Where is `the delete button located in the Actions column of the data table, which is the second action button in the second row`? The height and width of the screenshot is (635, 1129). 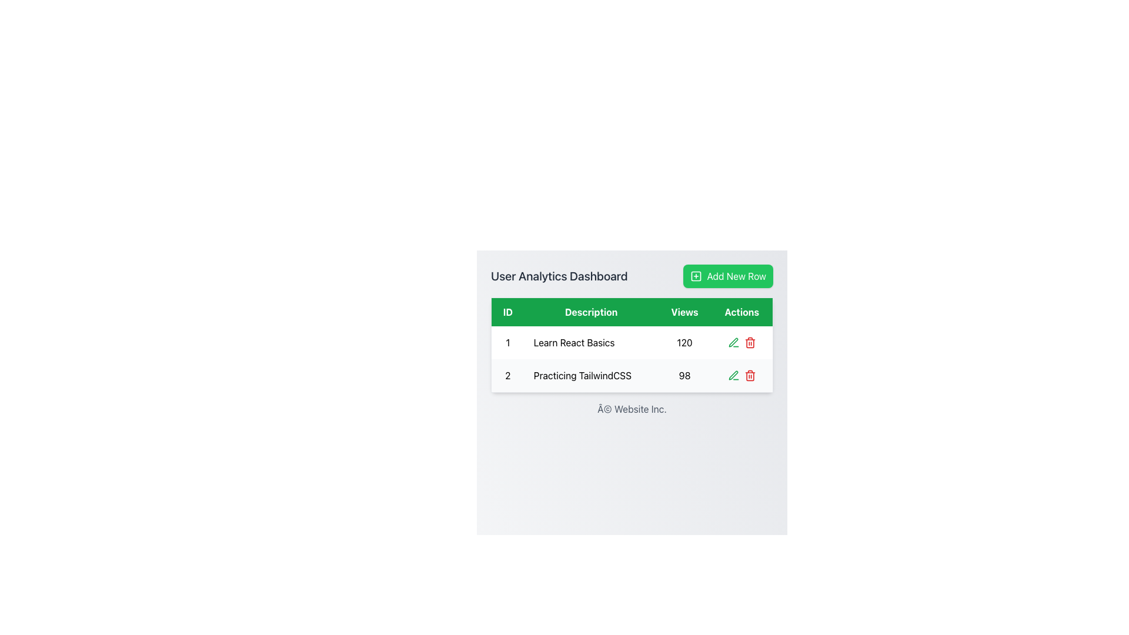
the delete button located in the Actions column of the data table, which is the second action button in the second row is located at coordinates (749, 376).